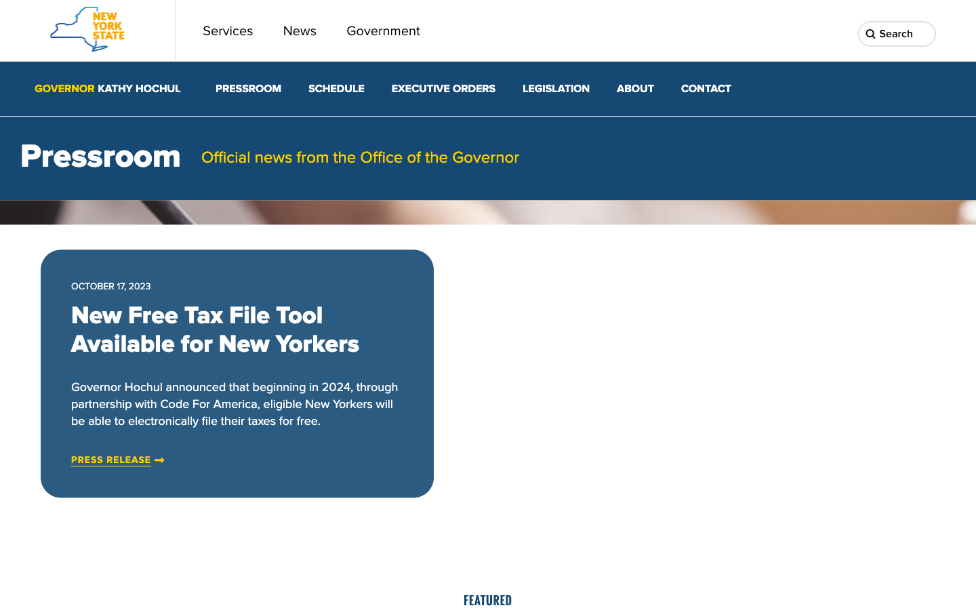  I want to click on the homepage of Governor Kathy Hochul, so click(106, 89).